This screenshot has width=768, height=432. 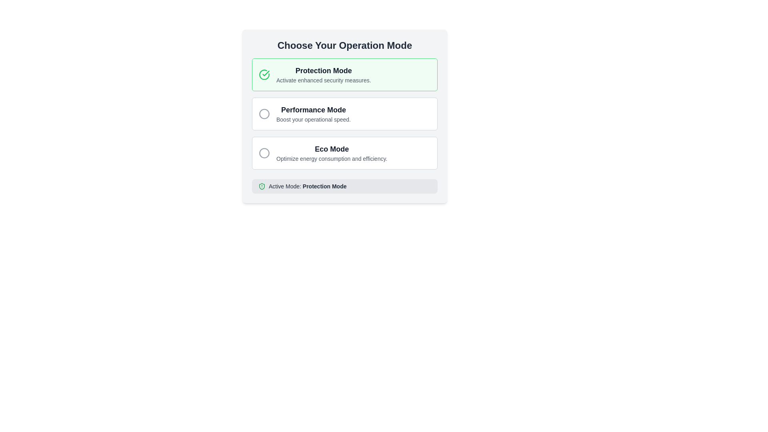 I want to click on the text label that serves as a descriptive subtitle for the 'Protection Mode' option in the selection interface, located directly beneath the 'Protection Mode' text, so click(x=324, y=80).